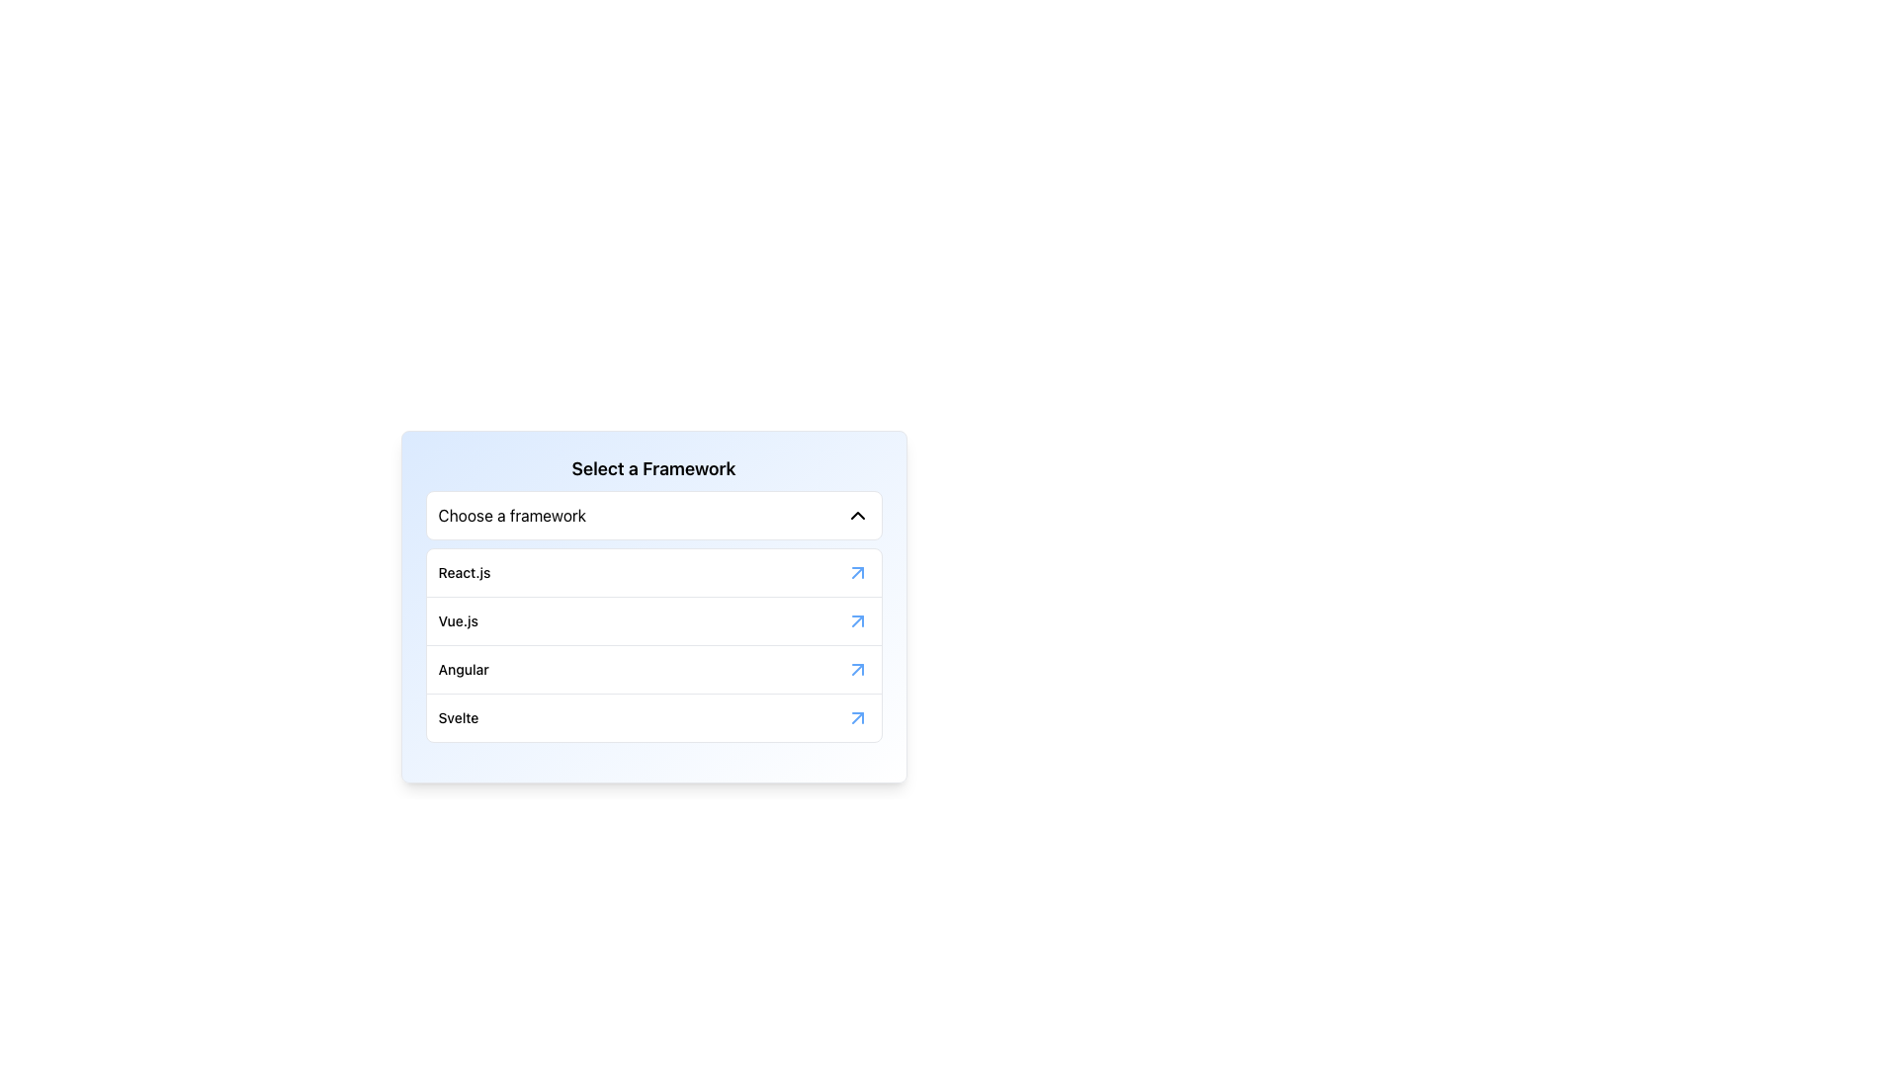 The image size is (1898, 1067). I want to click on the vector graphic icon located to the right of the 'Svelte' list item, so click(857, 717).